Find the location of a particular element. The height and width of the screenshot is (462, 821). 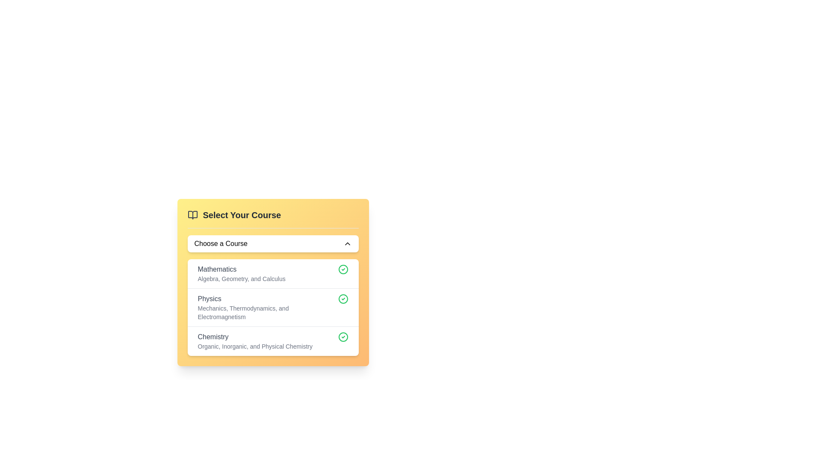

the 'Physics' course option in the dropdown menu titled 'Select Your Course', which is the second entry in the list of courses is located at coordinates (267, 307).